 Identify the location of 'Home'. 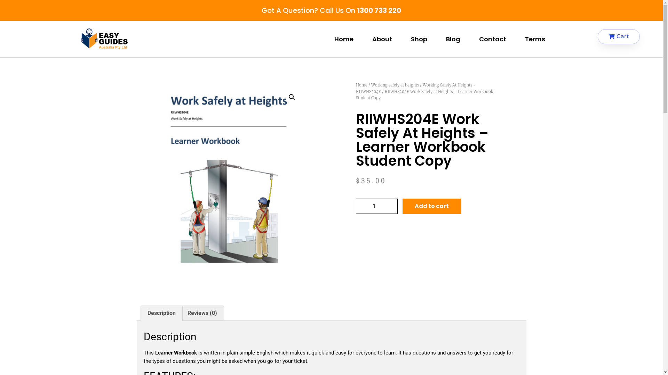
(325, 39).